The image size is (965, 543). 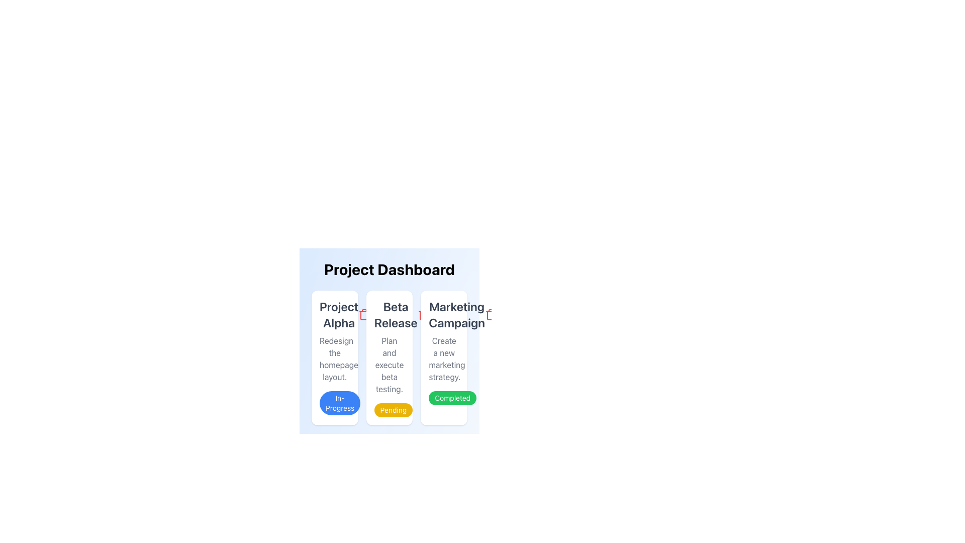 I want to click on the text label titled 'Marketing Campaign', which is located in the third column of the card layout under the 'Project Dashboard' header, so click(x=456, y=314).